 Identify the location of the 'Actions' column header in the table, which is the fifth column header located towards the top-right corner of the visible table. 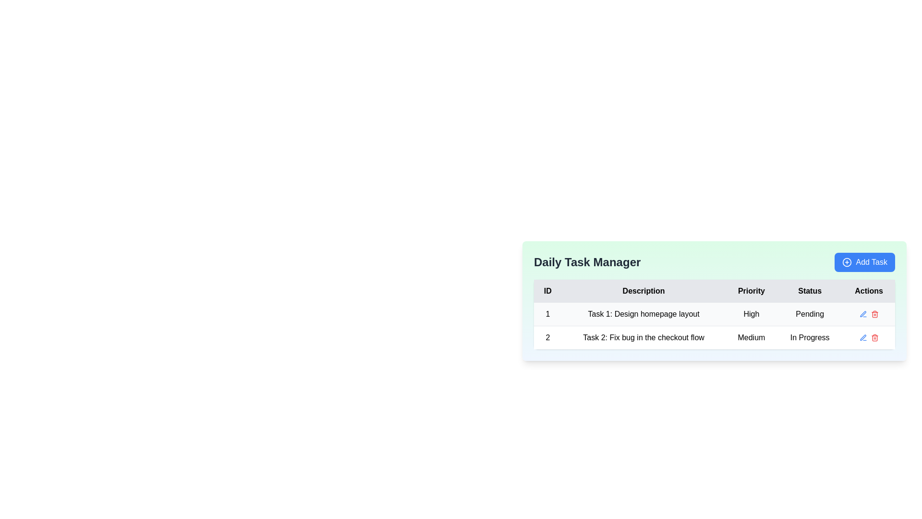
(869, 290).